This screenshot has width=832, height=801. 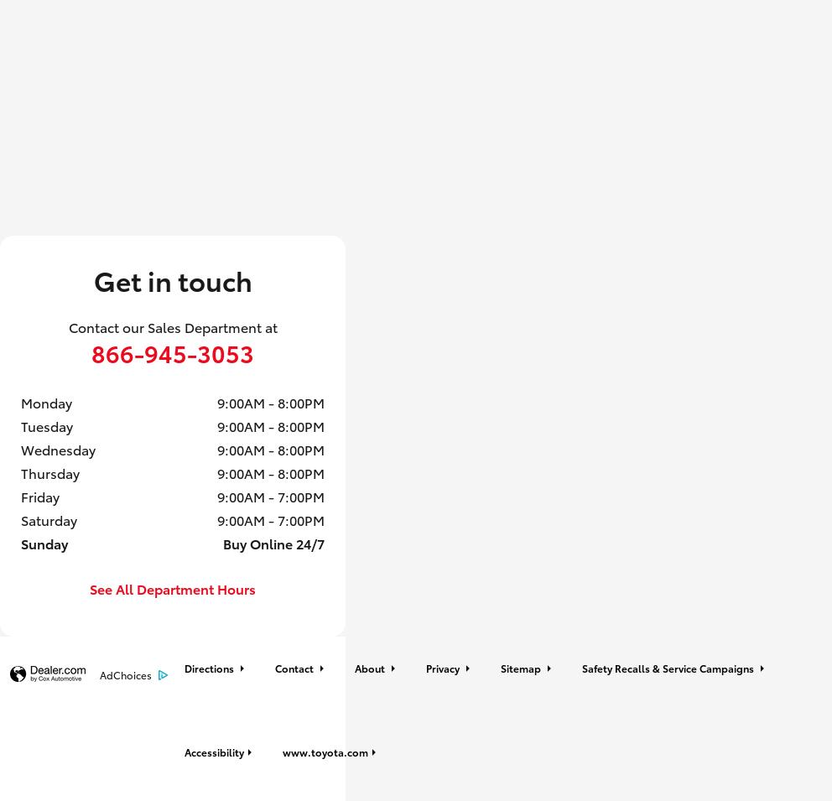 What do you see at coordinates (171, 278) in the screenshot?
I see `'Get in touch'` at bounding box center [171, 278].